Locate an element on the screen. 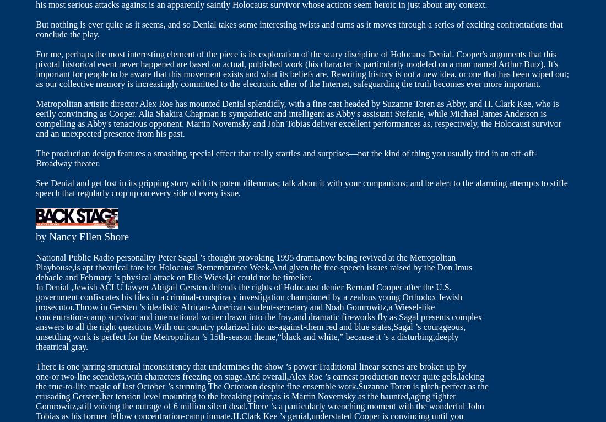  'Metropolitan artistic director Alex Roe has mounted Denial splendidly,
with a fine cast headed by Suzanne Toren as Abby, and H. Clark Kee, who
is eerily convincing as Cooper. Alia Shakira Chapman is sympathetic and
intelligent as Abby's assistant Stefanie, while Michael James Anderson
is compelling as Abby's tenacious opponent. Martin Novemsky and John
Tobias deliver excellent performances as, respectively, the Holocaust
survivor and an unexpected presence from his past.' is located at coordinates (35, 118).